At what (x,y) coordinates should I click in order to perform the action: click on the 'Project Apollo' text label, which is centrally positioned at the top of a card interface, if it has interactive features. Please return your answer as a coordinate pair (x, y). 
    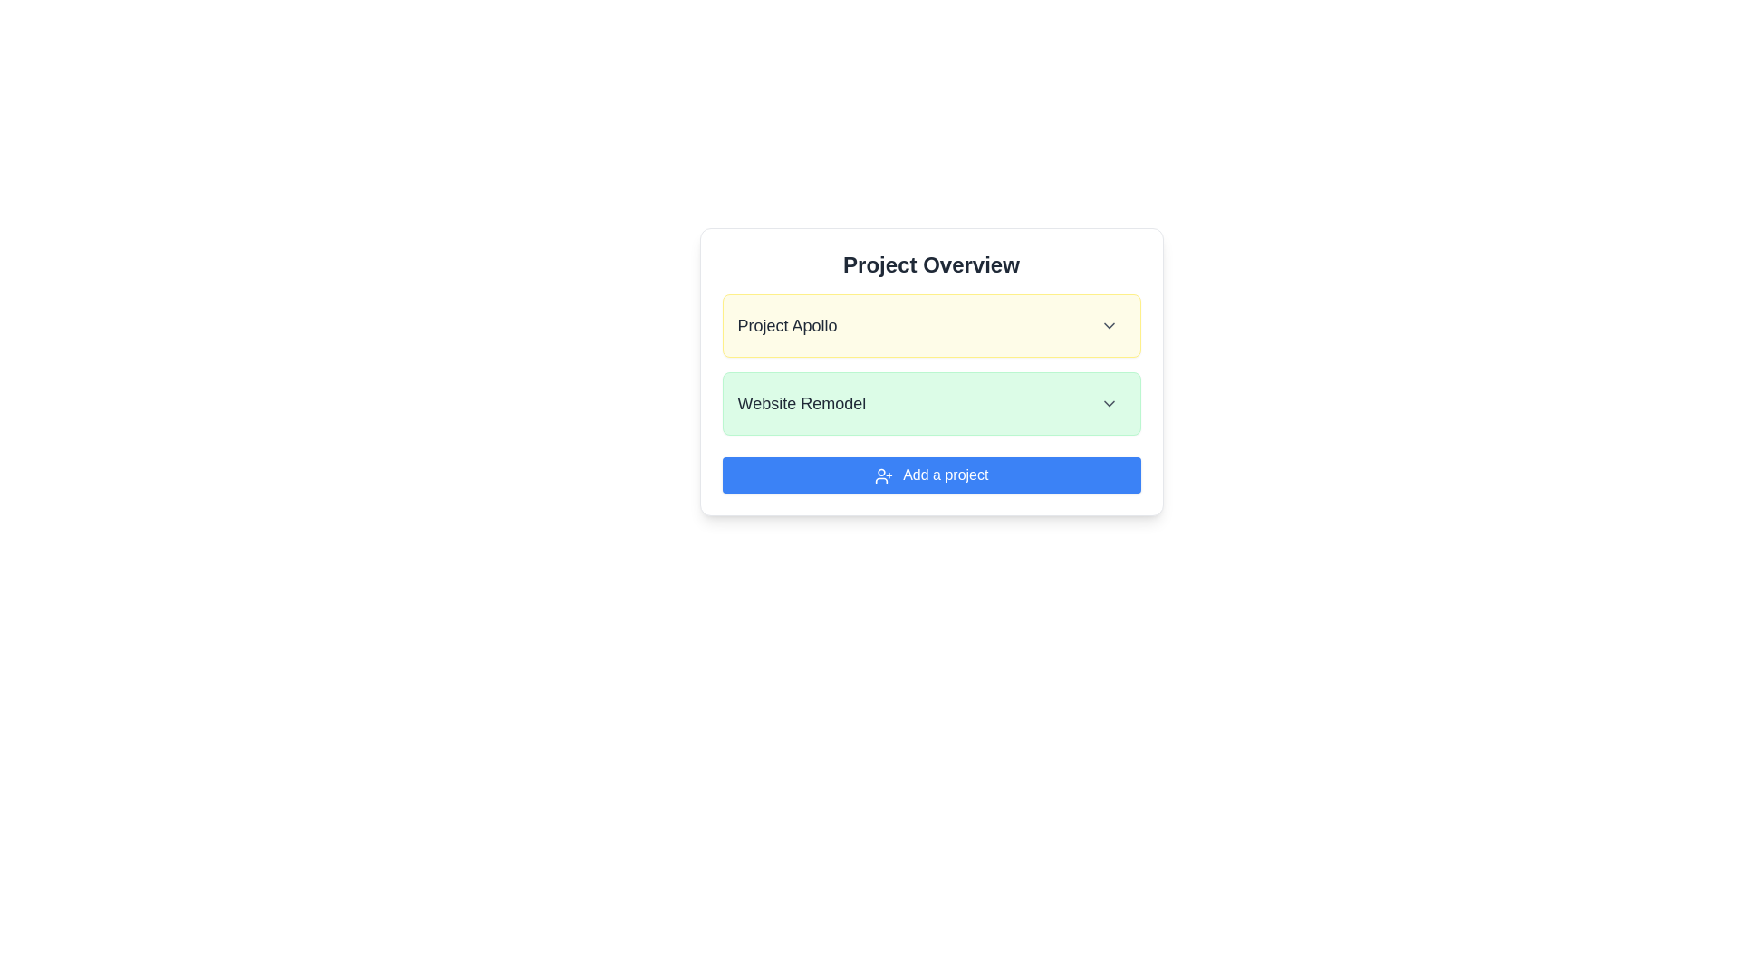
    Looking at the image, I should click on (787, 324).